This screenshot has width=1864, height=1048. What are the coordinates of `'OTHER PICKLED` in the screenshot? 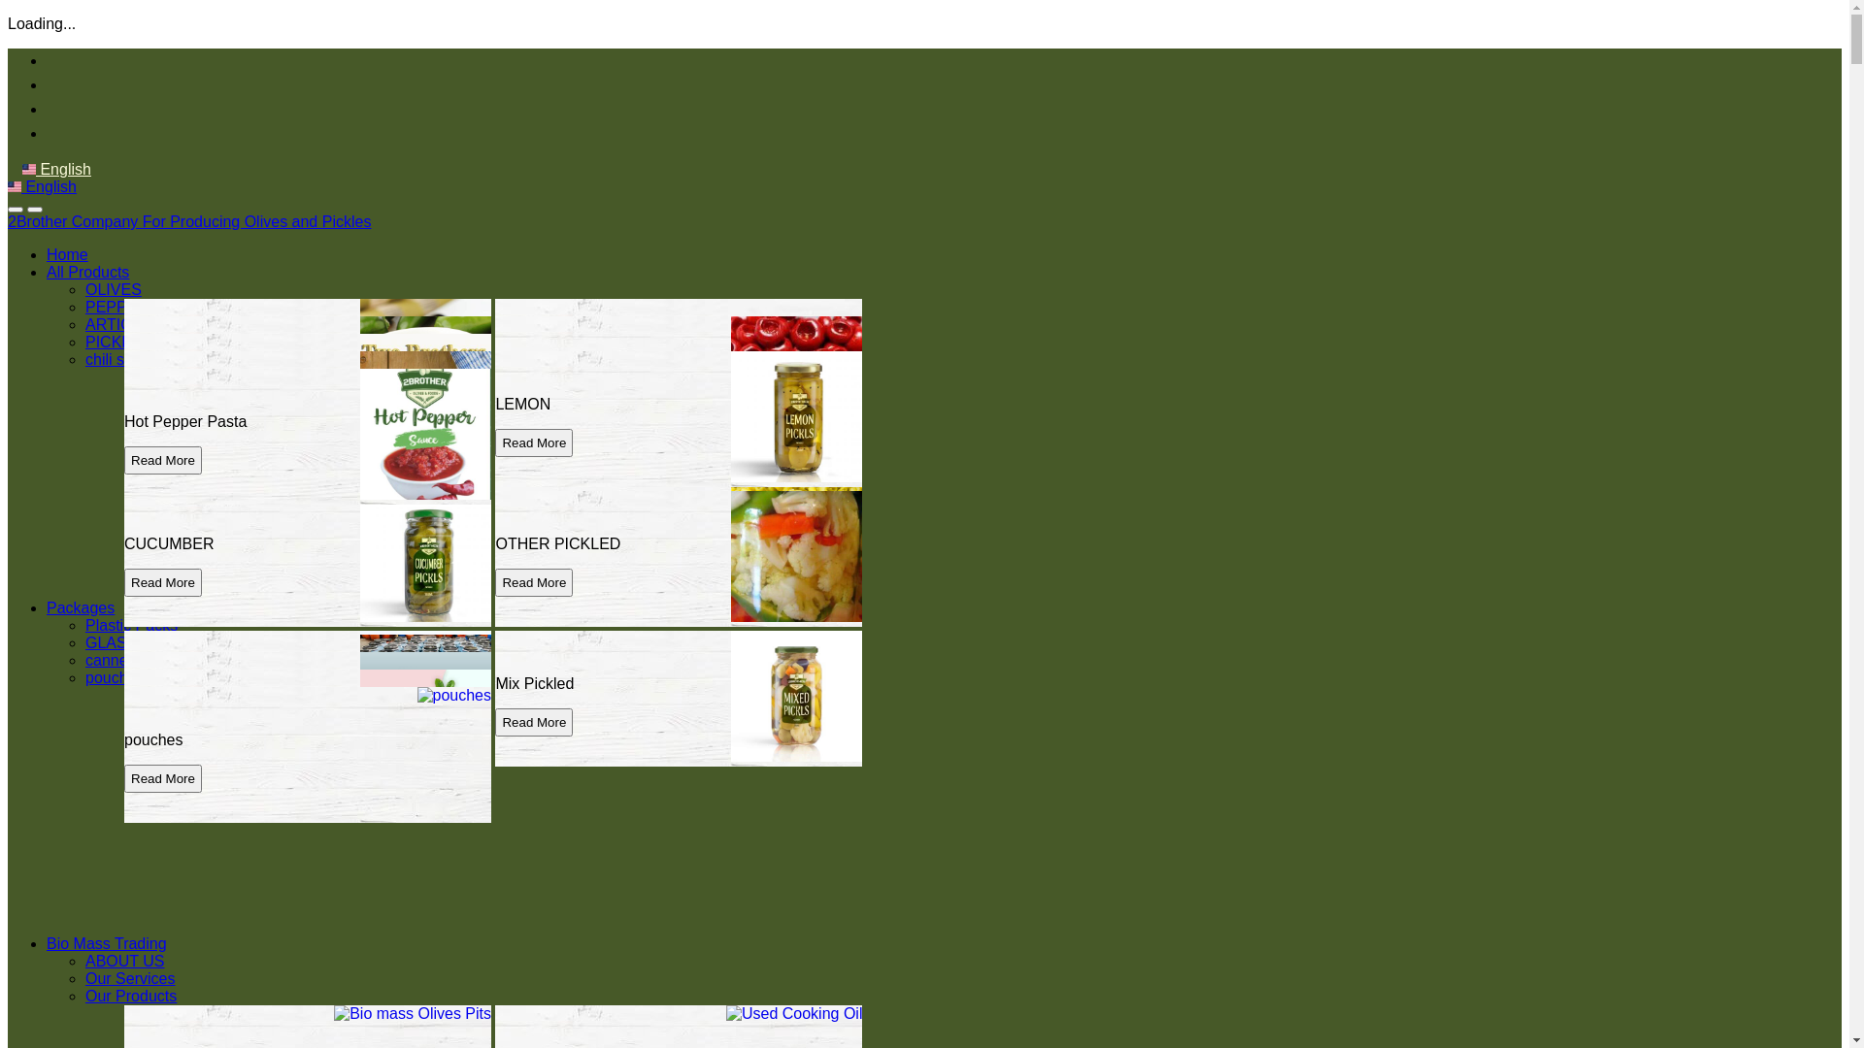 It's located at (679, 558).